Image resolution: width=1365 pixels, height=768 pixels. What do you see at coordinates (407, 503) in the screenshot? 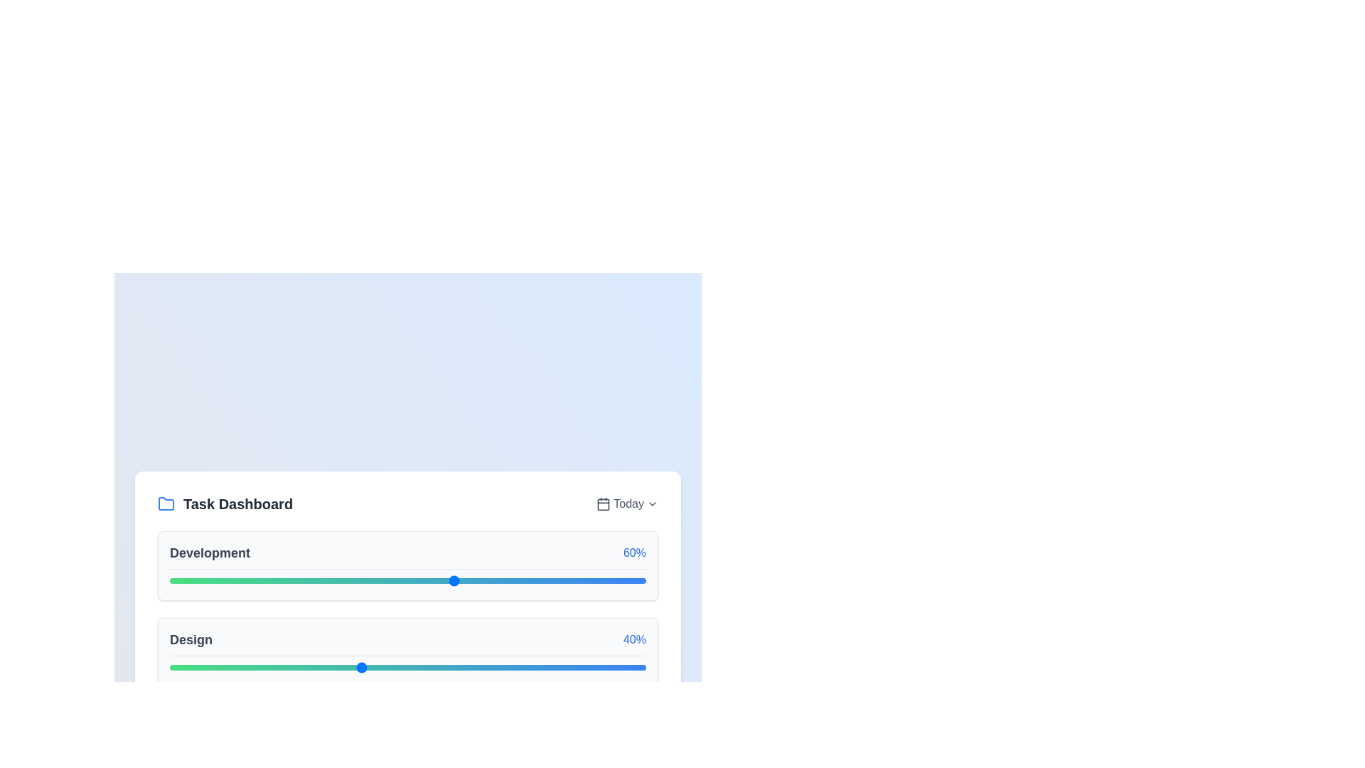
I see `the displayed text in the Header which consists of 'Task Dashboard' on the left and 'Today' on the right, located at the top of the card above the 'Development' and 'Design' sections` at bounding box center [407, 503].